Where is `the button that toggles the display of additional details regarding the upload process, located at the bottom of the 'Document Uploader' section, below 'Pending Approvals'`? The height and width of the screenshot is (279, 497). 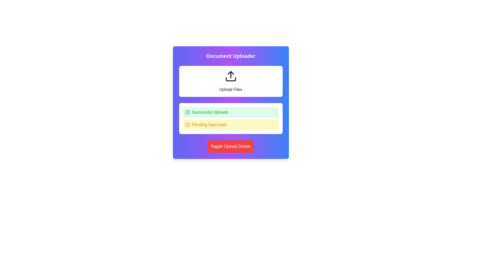 the button that toggles the display of additional details regarding the upload process, located at the bottom of the 'Document Uploader' section, below 'Pending Approvals' is located at coordinates (230, 146).